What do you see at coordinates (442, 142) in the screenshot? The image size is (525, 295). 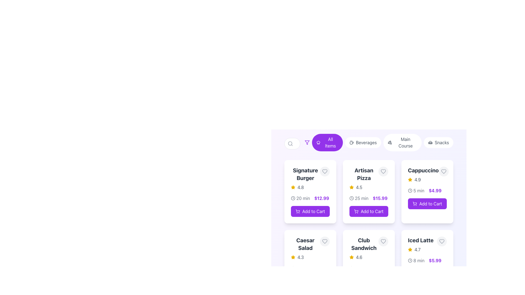 I see `the 'Snacks' category label using keyboard navigation and focus on it for selection` at bounding box center [442, 142].